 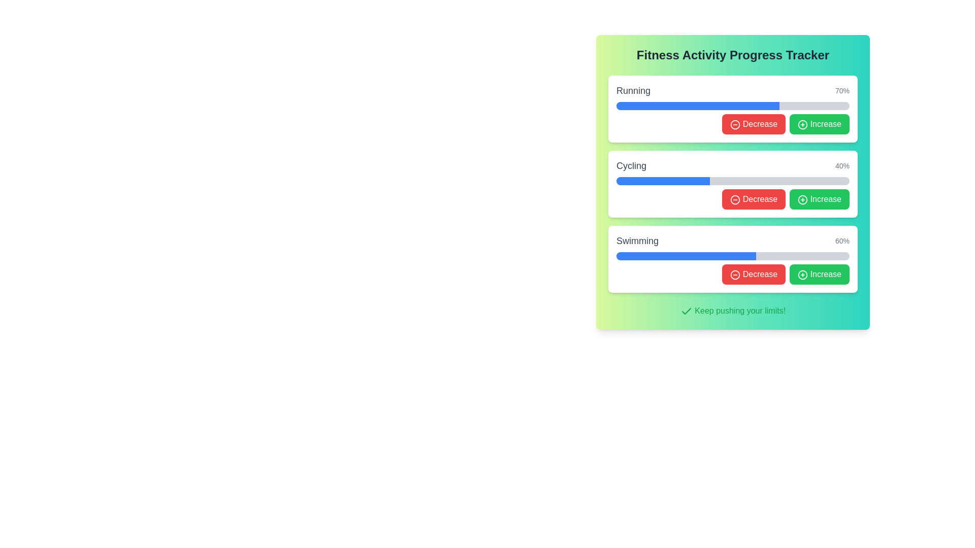 I want to click on the 'Increase' action icon located at the right end of the green 'Increase' button in the Cycling progress bar card, so click(x=802, y=199).